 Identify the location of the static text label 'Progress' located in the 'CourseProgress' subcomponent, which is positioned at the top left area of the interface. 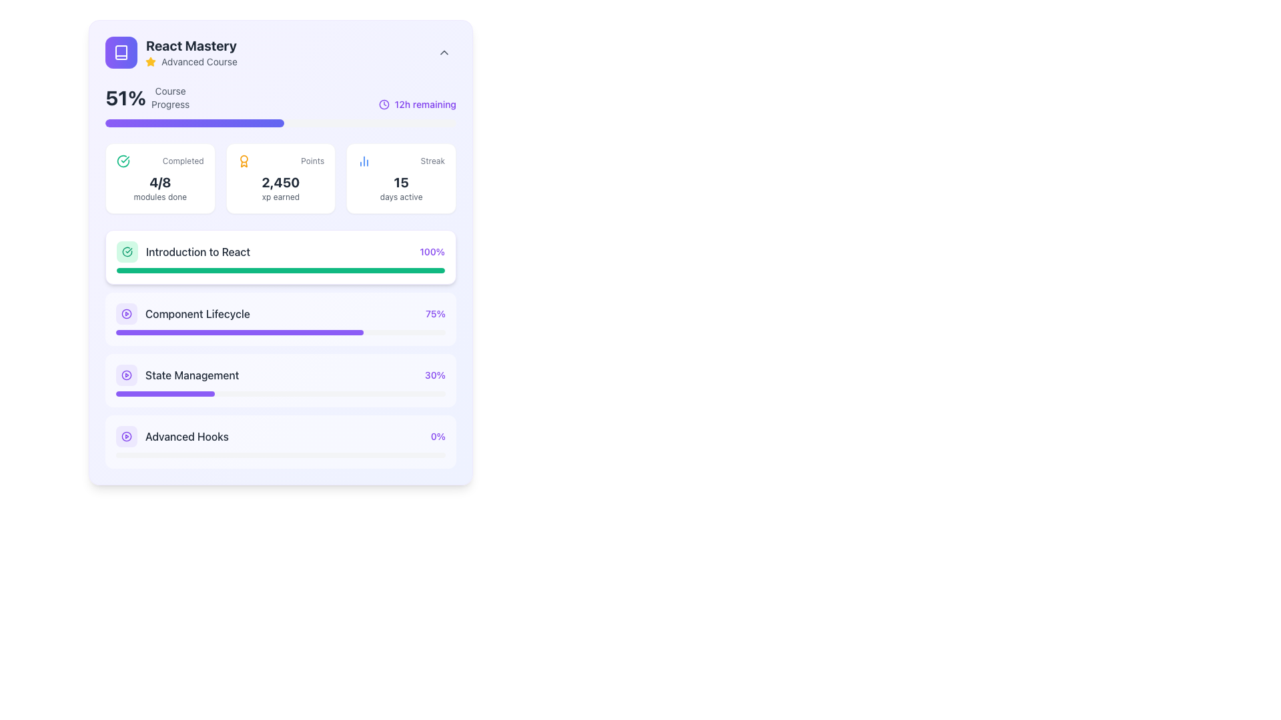
(169, 104).